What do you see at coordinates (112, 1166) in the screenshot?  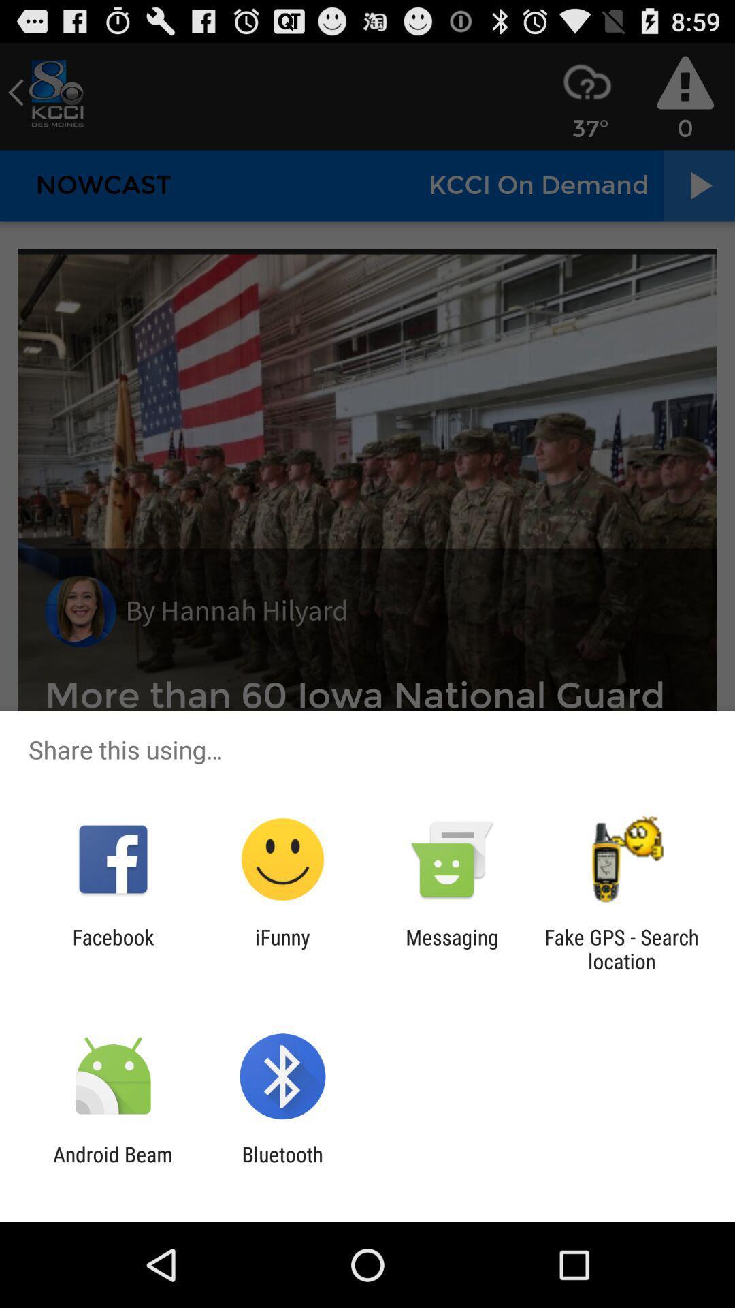 I see `android beam item` at bounding box center [112, 1166].